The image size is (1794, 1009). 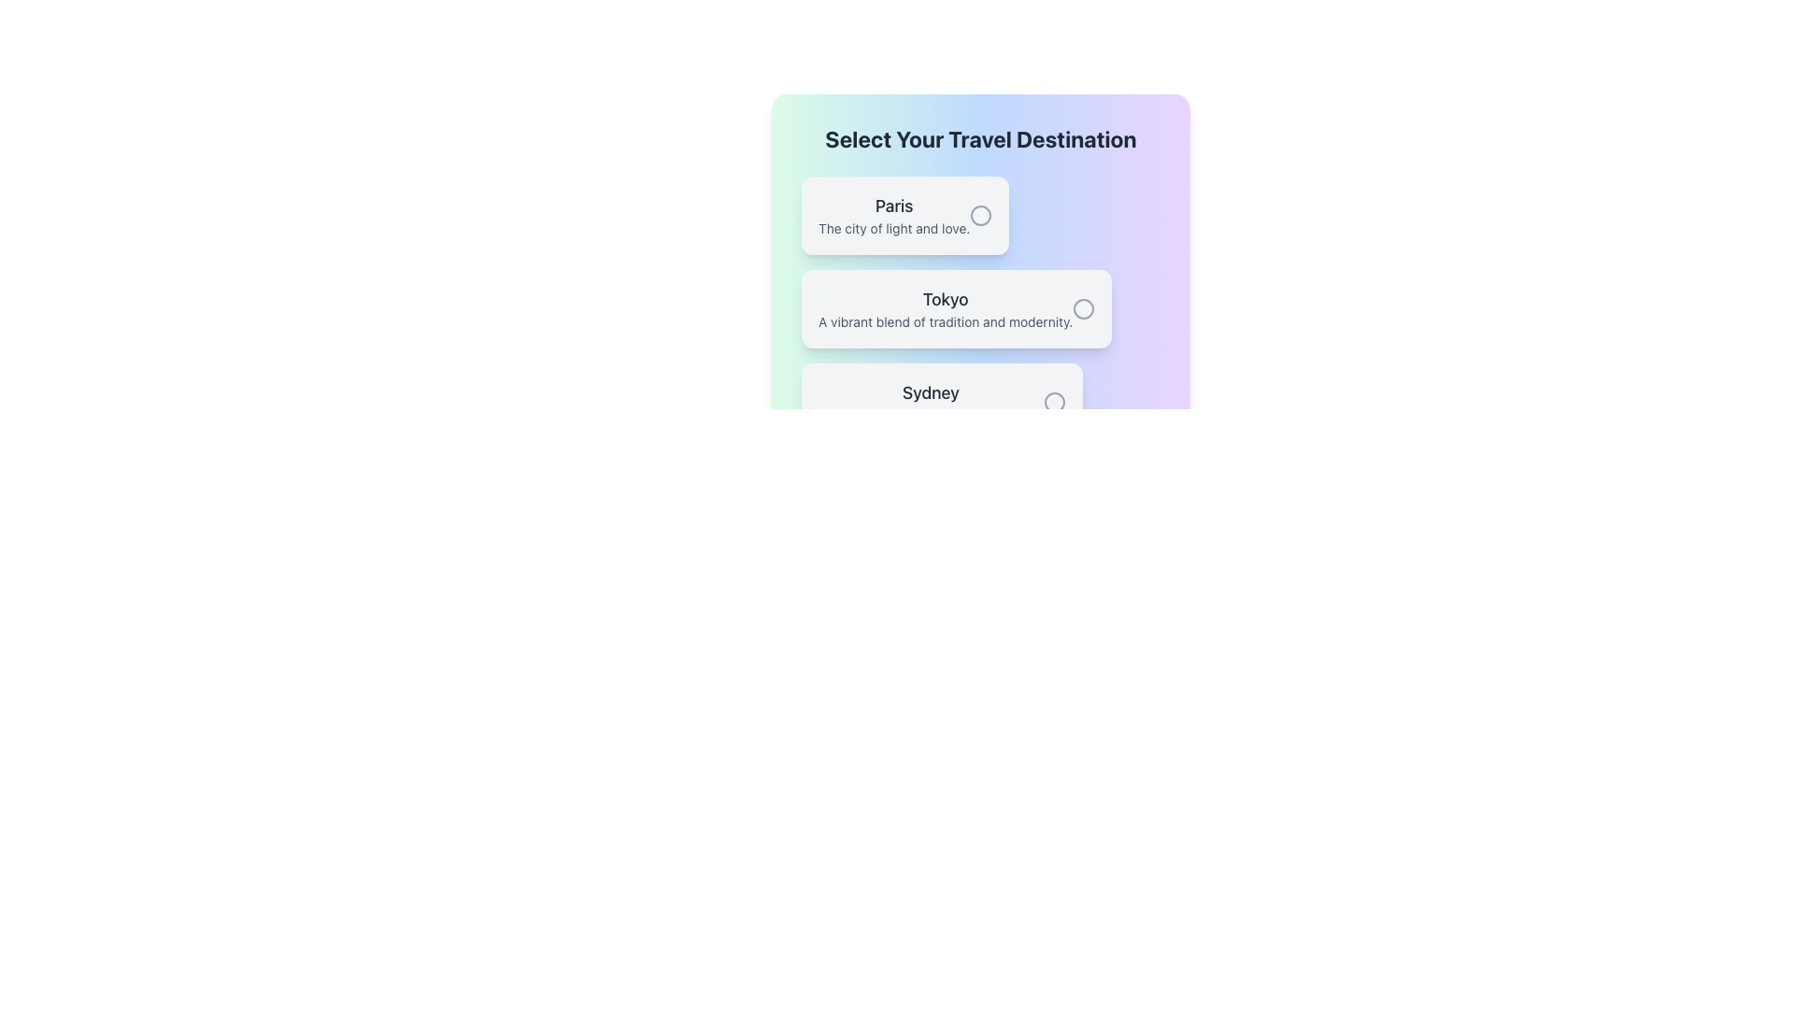 I want to click on the circular radio button for the 'Tokyo' option in the travel destination selection list, so click(x=1084, y=308).